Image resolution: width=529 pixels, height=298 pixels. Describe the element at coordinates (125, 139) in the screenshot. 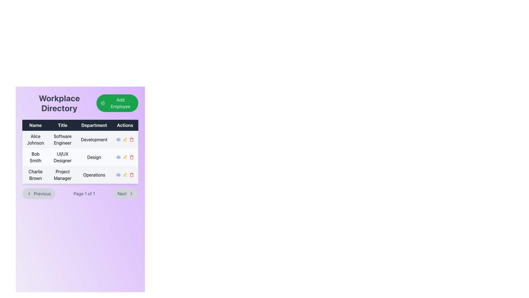

I see `the Interactive Icon in the Actions column` at that location.